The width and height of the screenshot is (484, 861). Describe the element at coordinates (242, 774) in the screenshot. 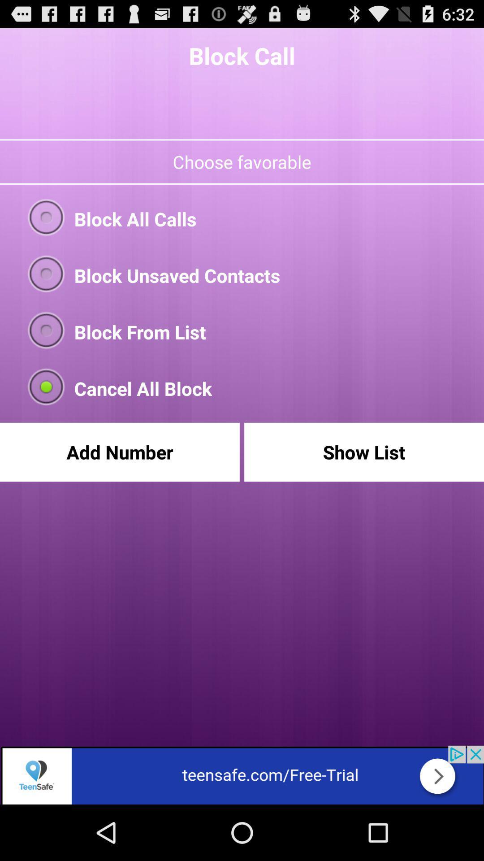

I see `teensafe app trial` at that location.